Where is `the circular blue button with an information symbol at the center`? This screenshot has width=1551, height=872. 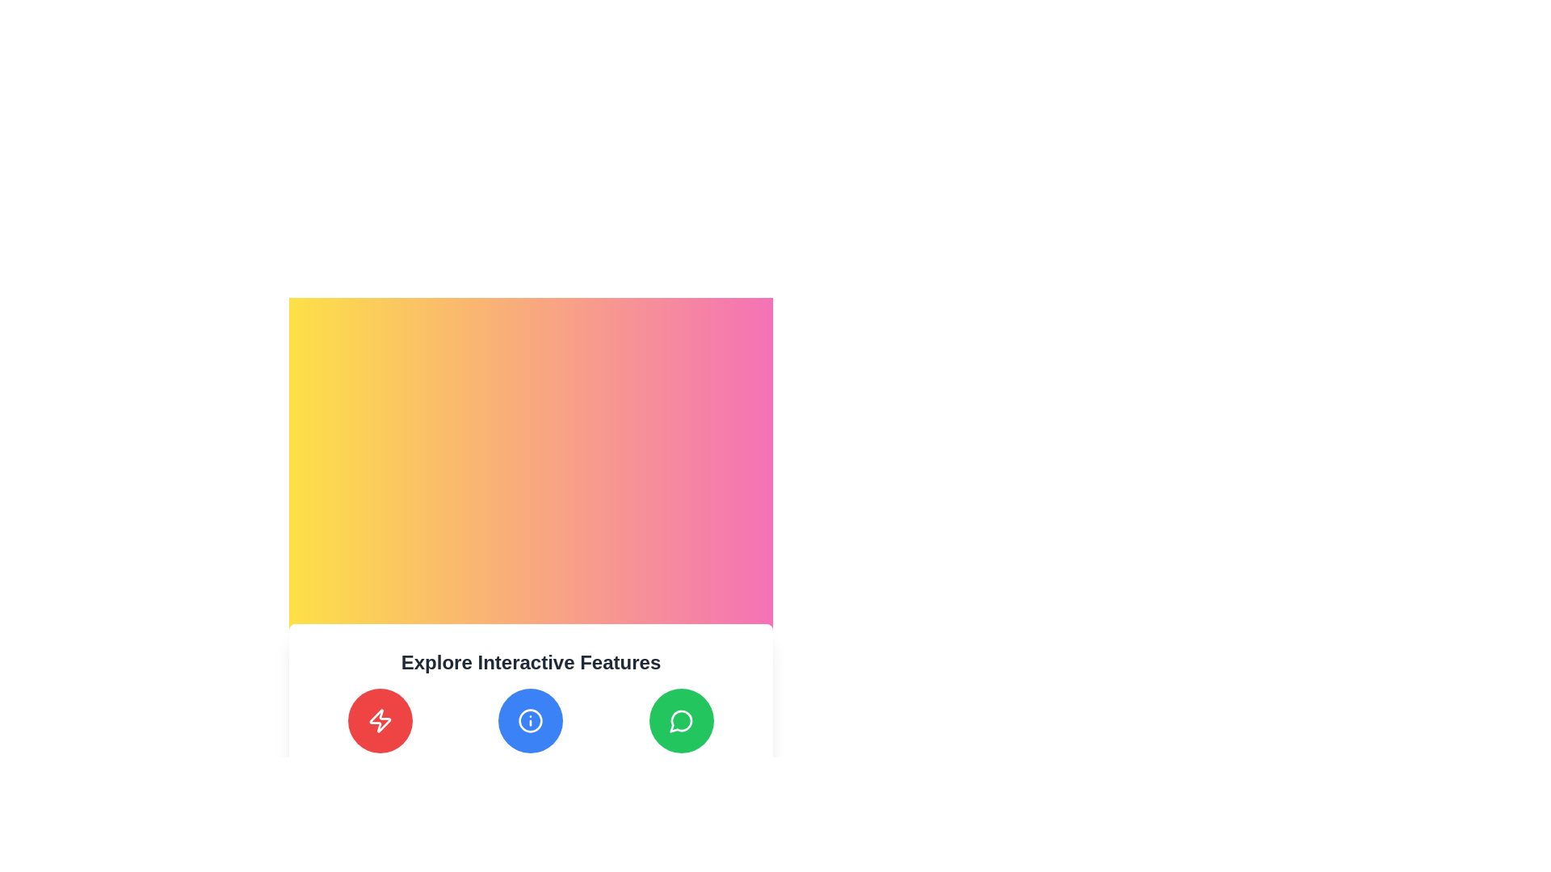
the circular blue button with an information symbol at the center is located at coordinates (531, 720).